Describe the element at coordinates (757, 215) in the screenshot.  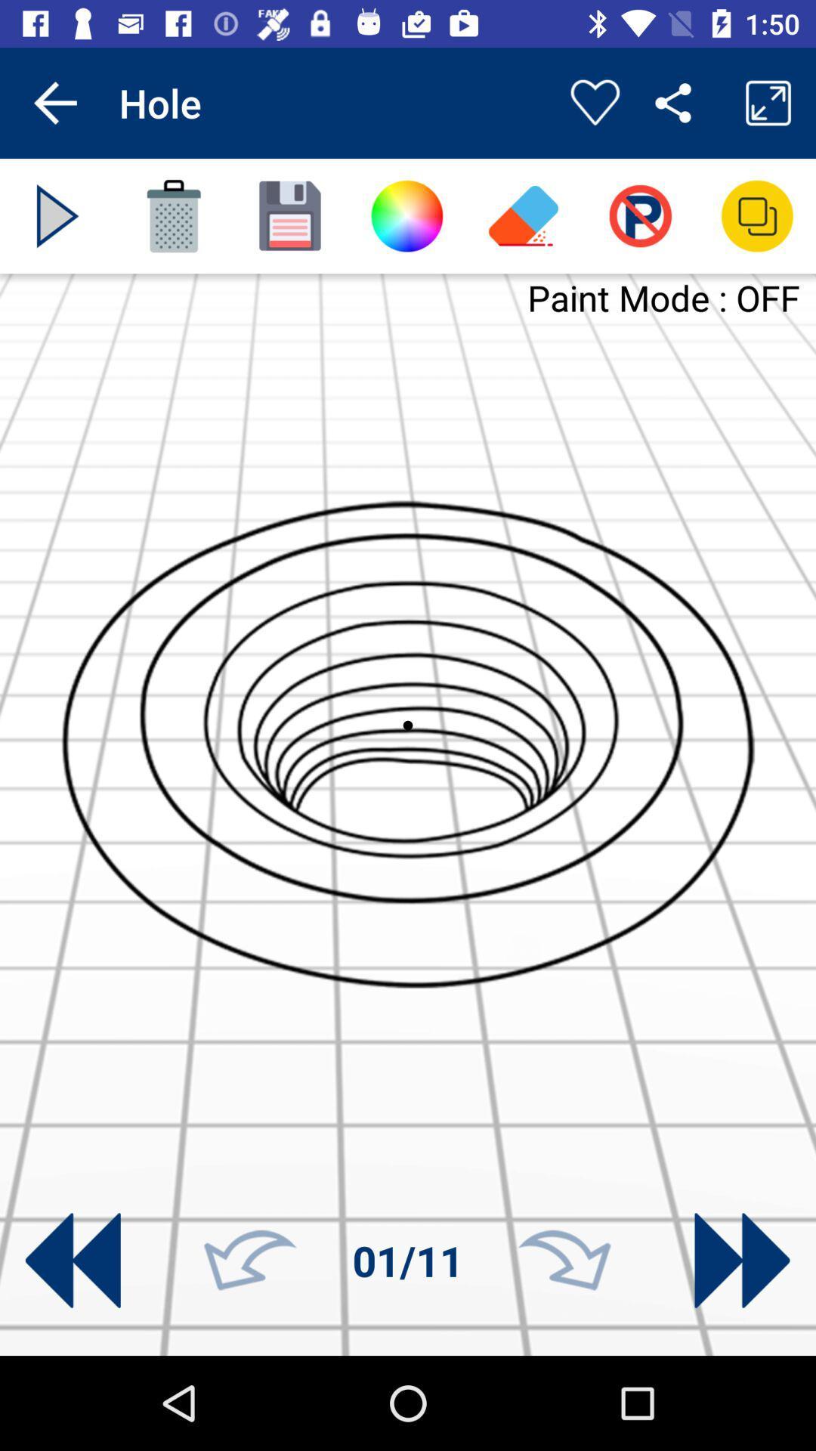
I see `layer` at that location.